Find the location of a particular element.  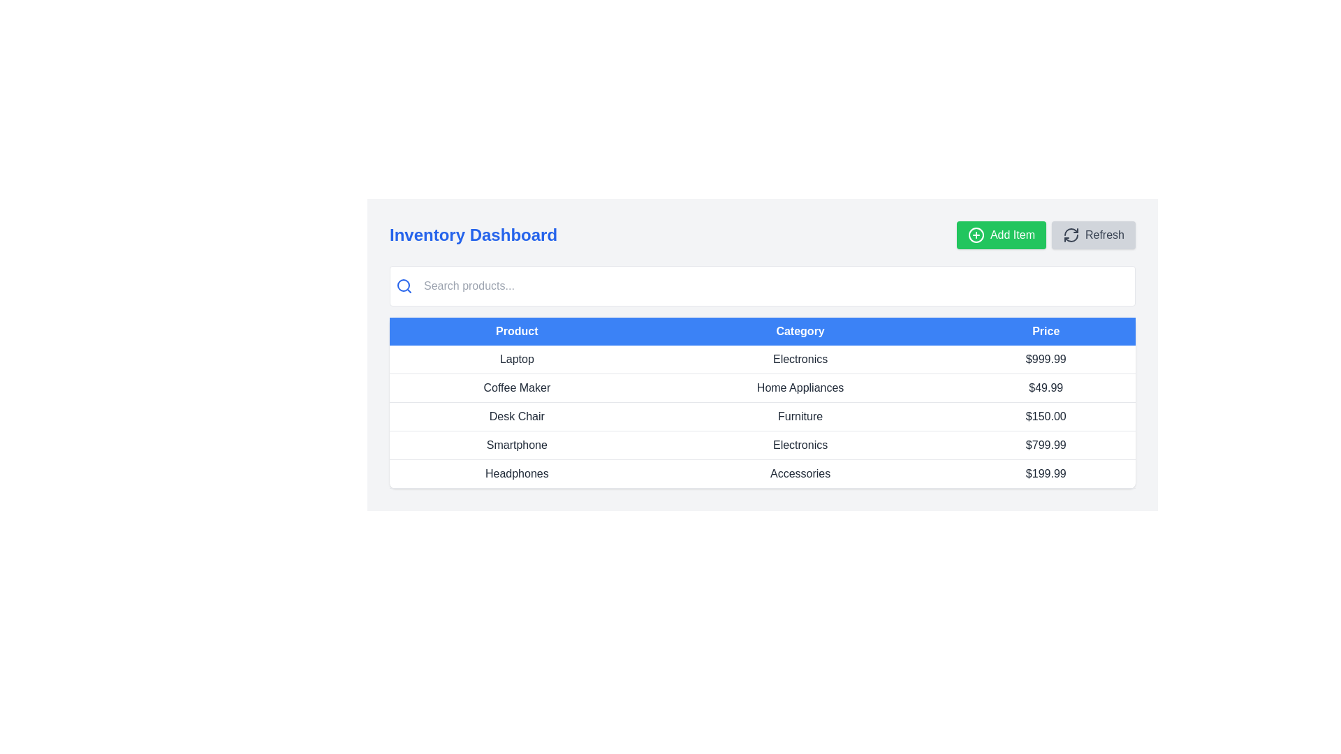

the 'Coffee Maker' label in the inventory list, which is located in the second row under the 'Product' column, positioned to the left of 'Home Appliances' and above '$49.99' is located at coordinates (516, 387).